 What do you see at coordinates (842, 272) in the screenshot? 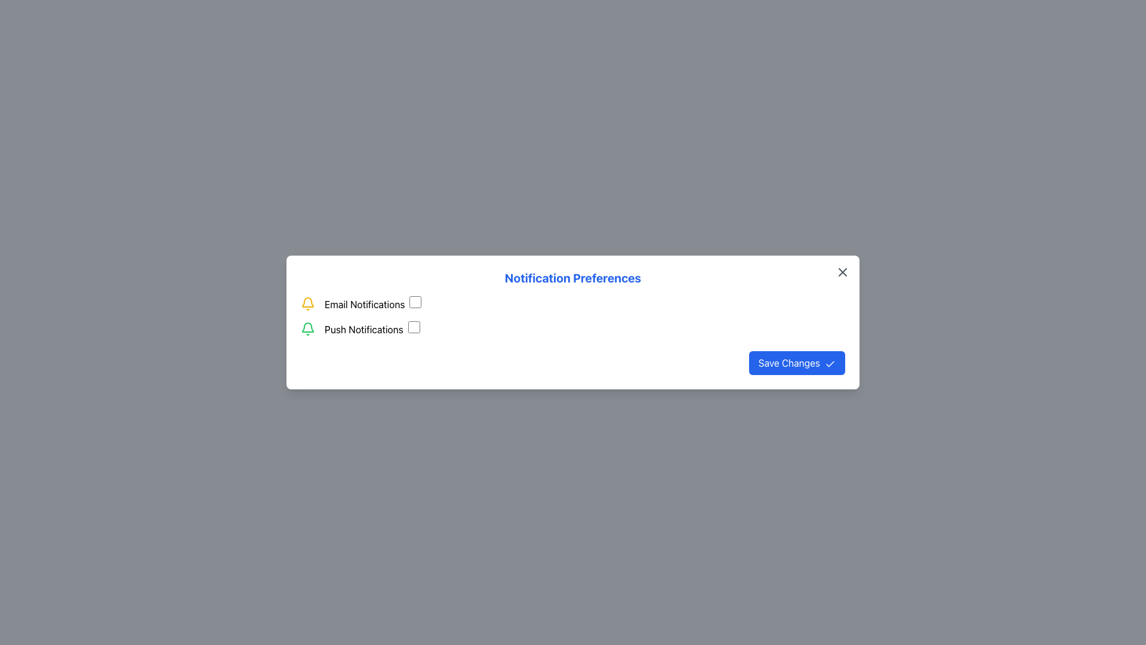
I see `the close icon button located in the top-right corner of the dialog box` at bounding box center [842, 272].